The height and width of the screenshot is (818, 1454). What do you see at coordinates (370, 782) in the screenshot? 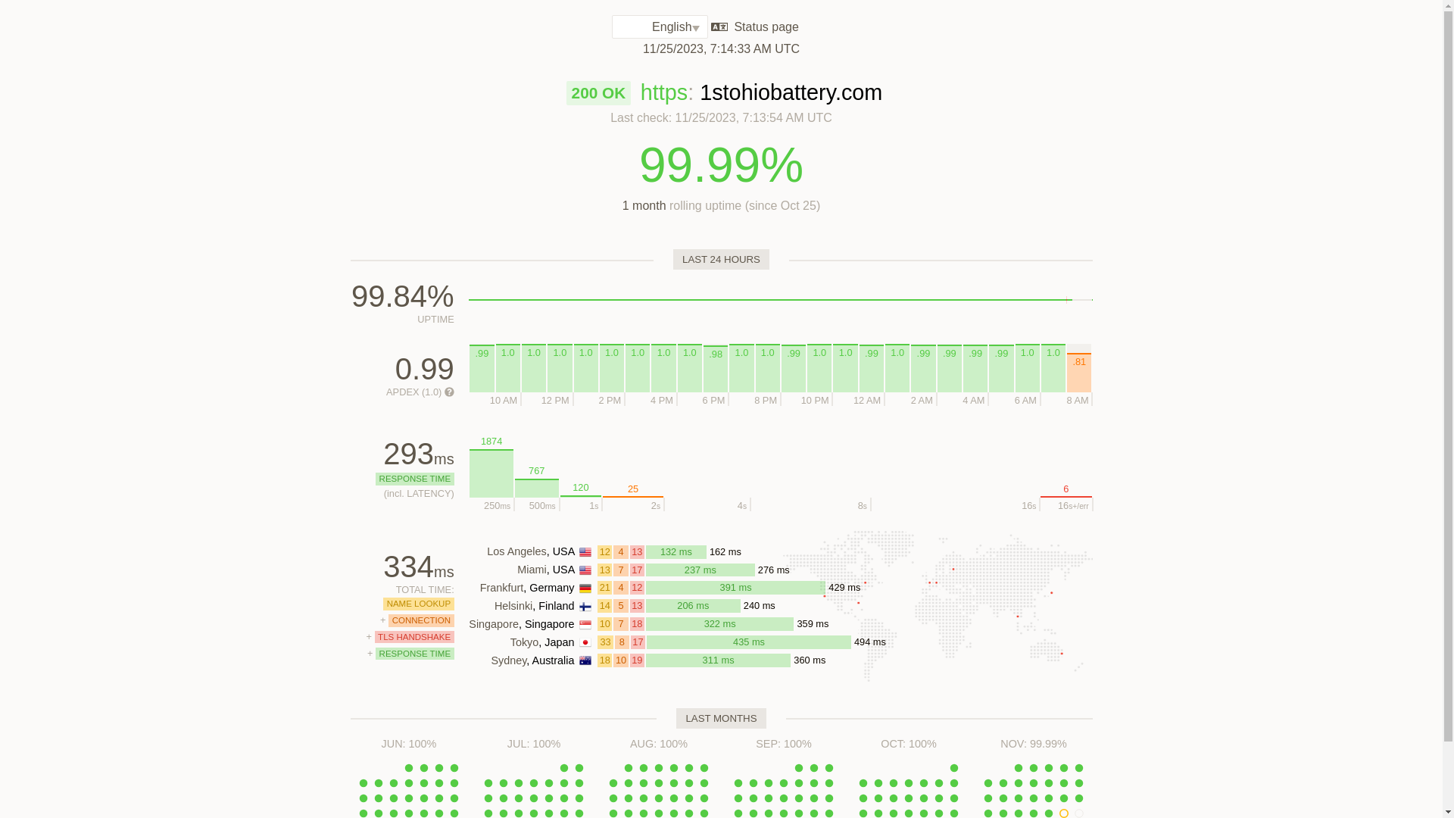
I see `'<small>Jun 06:</small> No downtime'` at bounding box center [370, 782].